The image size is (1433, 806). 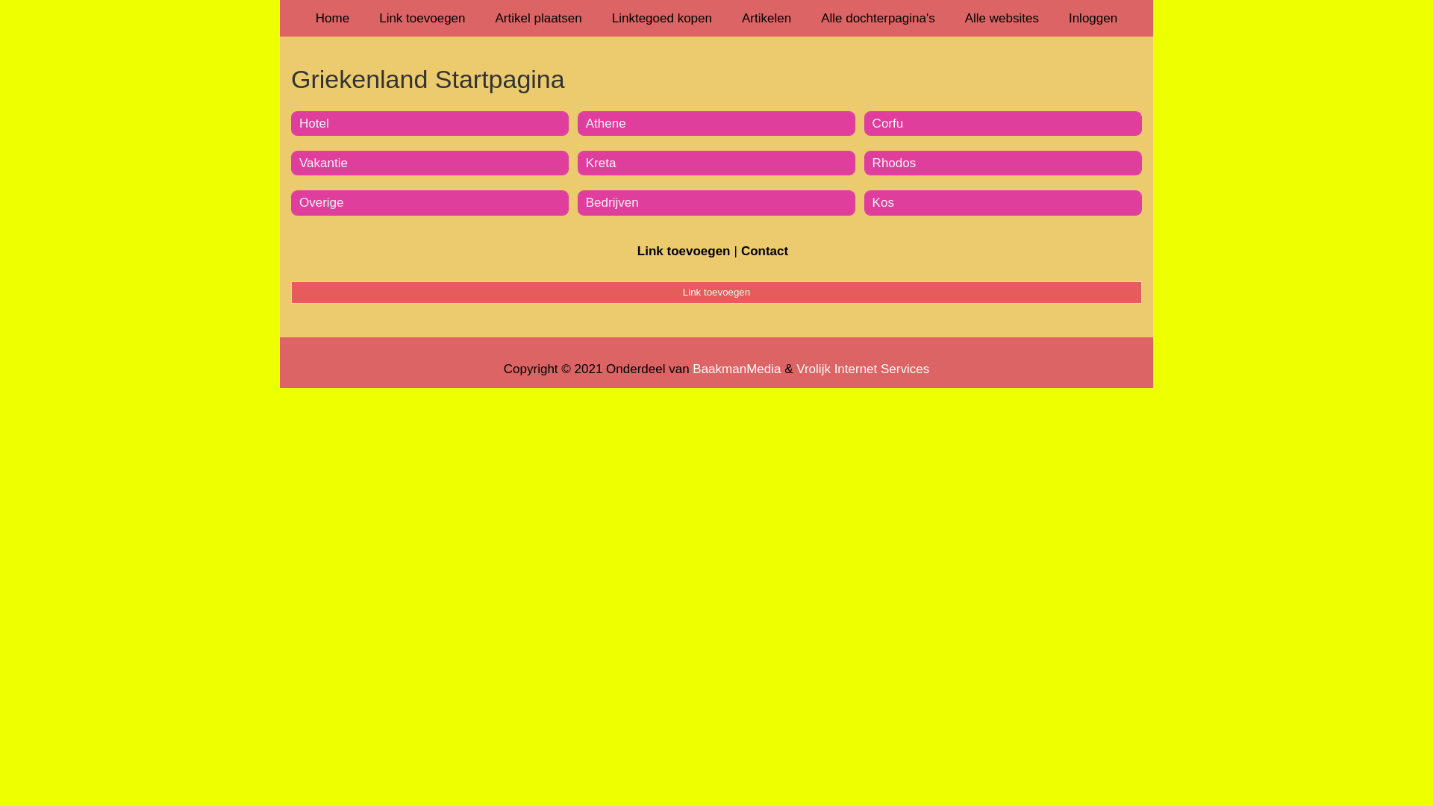 I want to click on 'Kreta', so click(x=601, y=163).